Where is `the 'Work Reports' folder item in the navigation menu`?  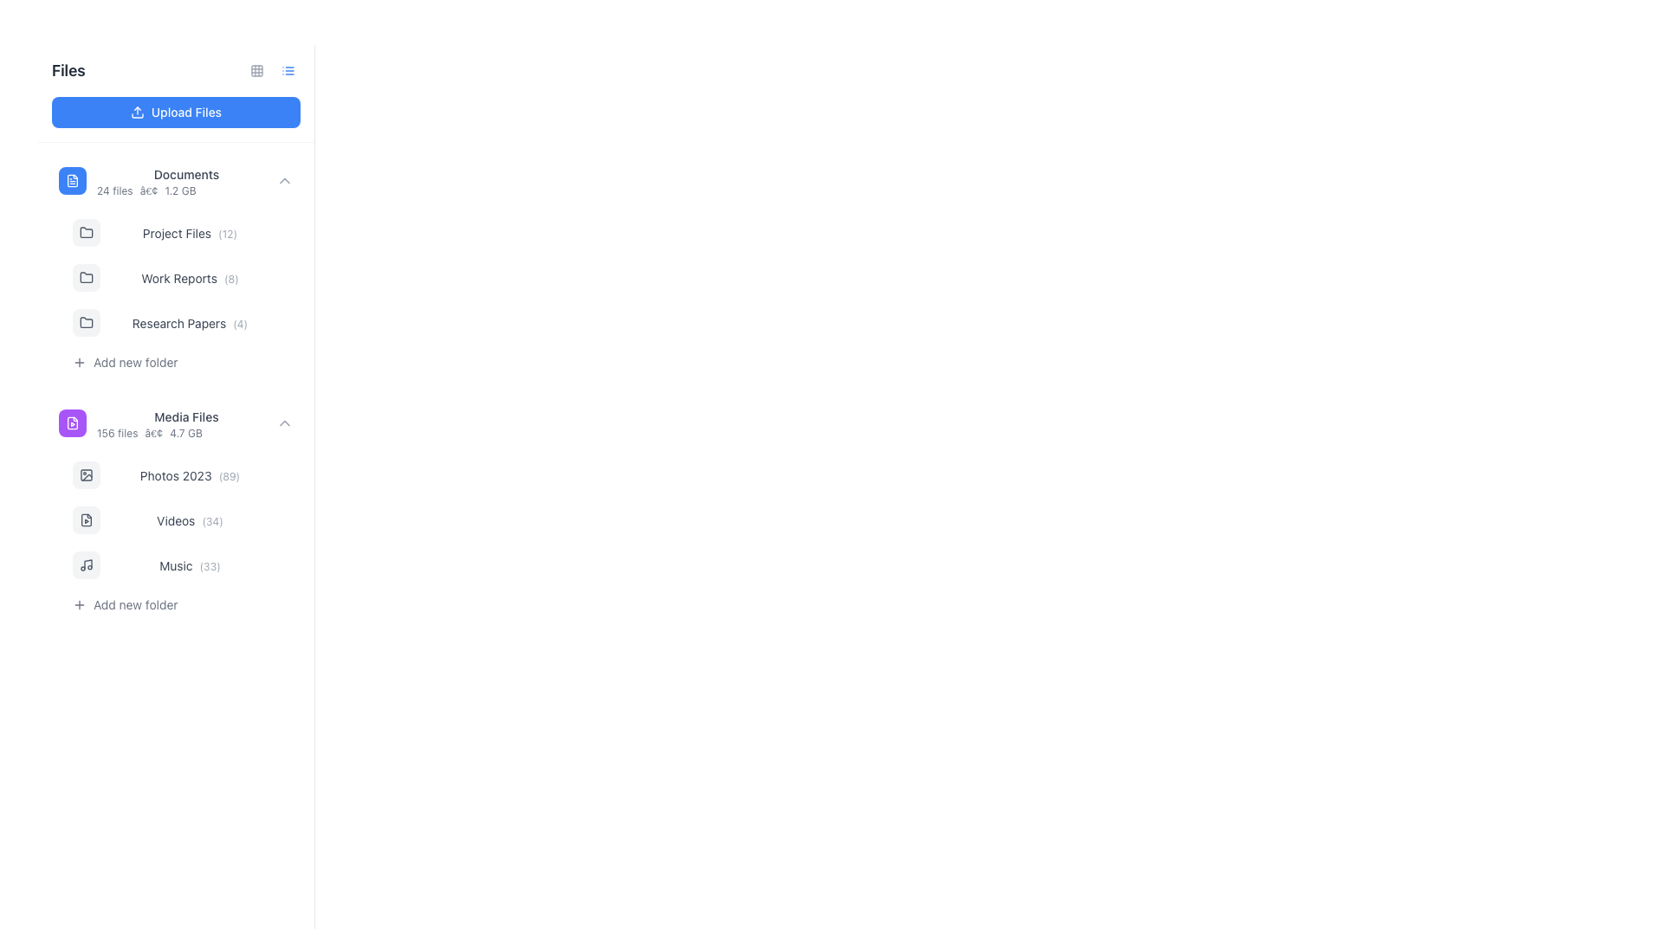 the 'Work Reports' folder item in the navigation menu is located at coordinates (176, 267).